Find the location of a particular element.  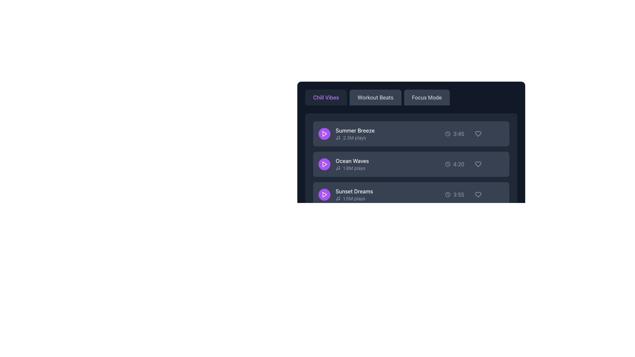

the 'Workout Beats' button, which is a rectangular button with rounded corners, centrally located between 'Chill Vibes' and 'Focus Mode' is located at coordinates (375, 97).